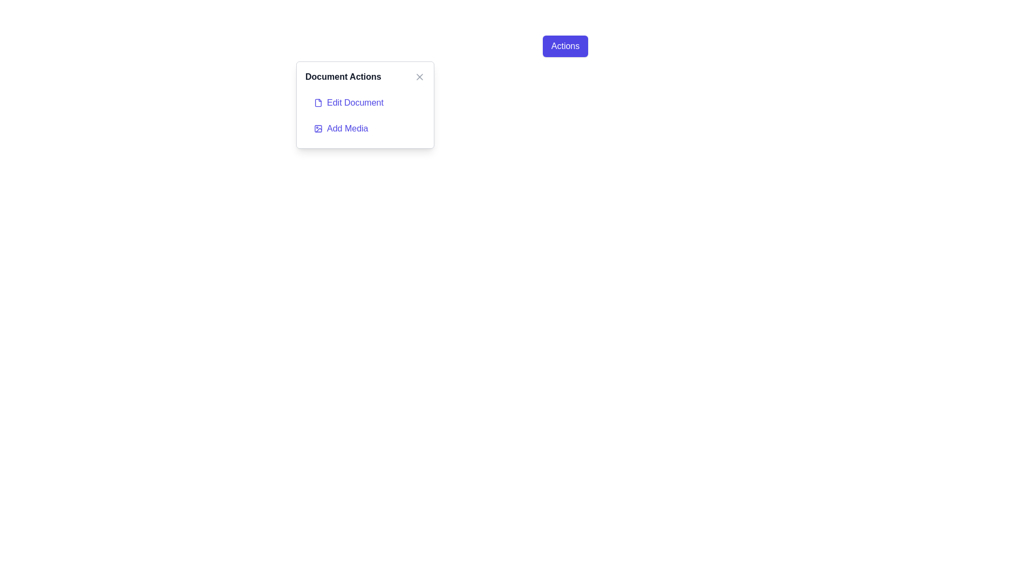 The image size is (1036, 582). I want to click on the leading camera icon within the 'Add Media' row in the 'Document Actions' dropdown menu for visual cues, so click(318, 128).